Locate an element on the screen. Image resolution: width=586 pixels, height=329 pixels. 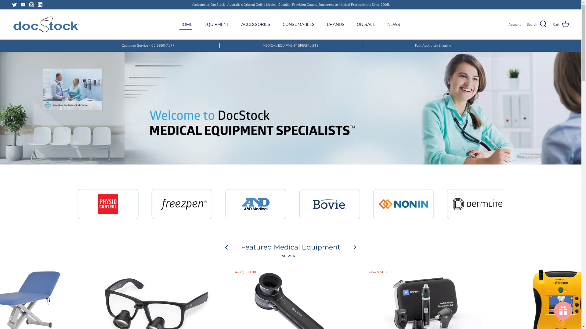
'Featured Medical Equipment' is located at coordinates (290, 247).